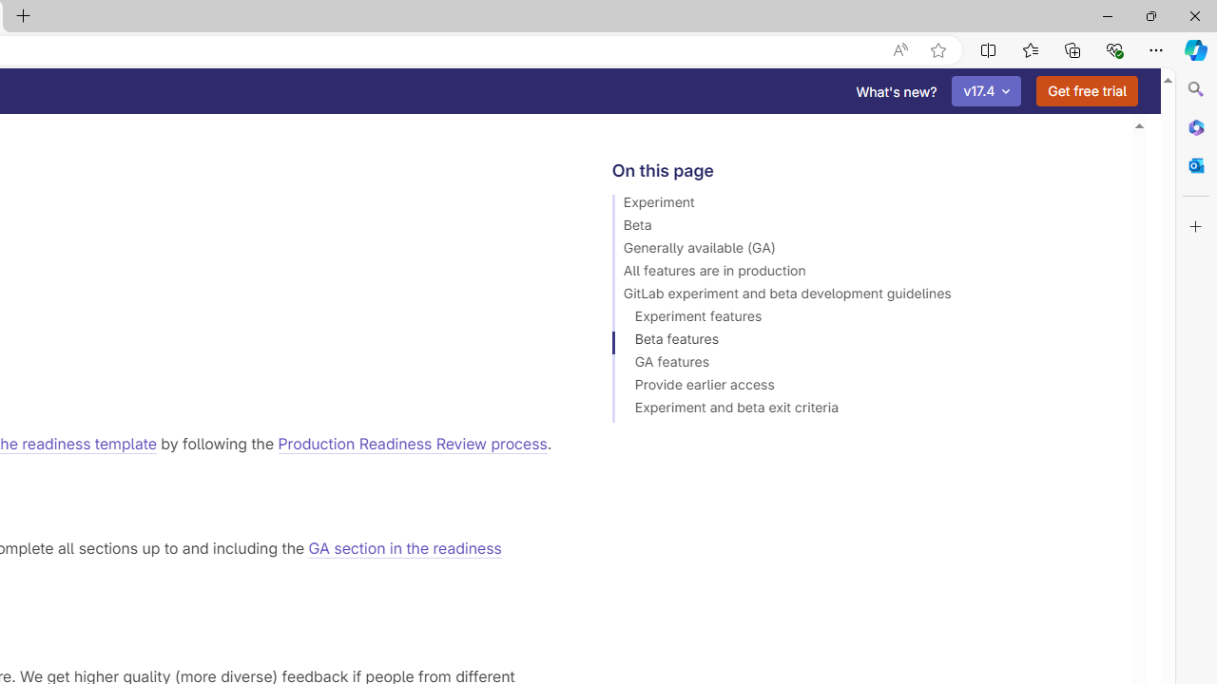 The image size is (1217, 684). What do you see at coordinates (862, 387) in the screenshot?
I see `'Provide earlier access'` at bounding box center [862, 387].